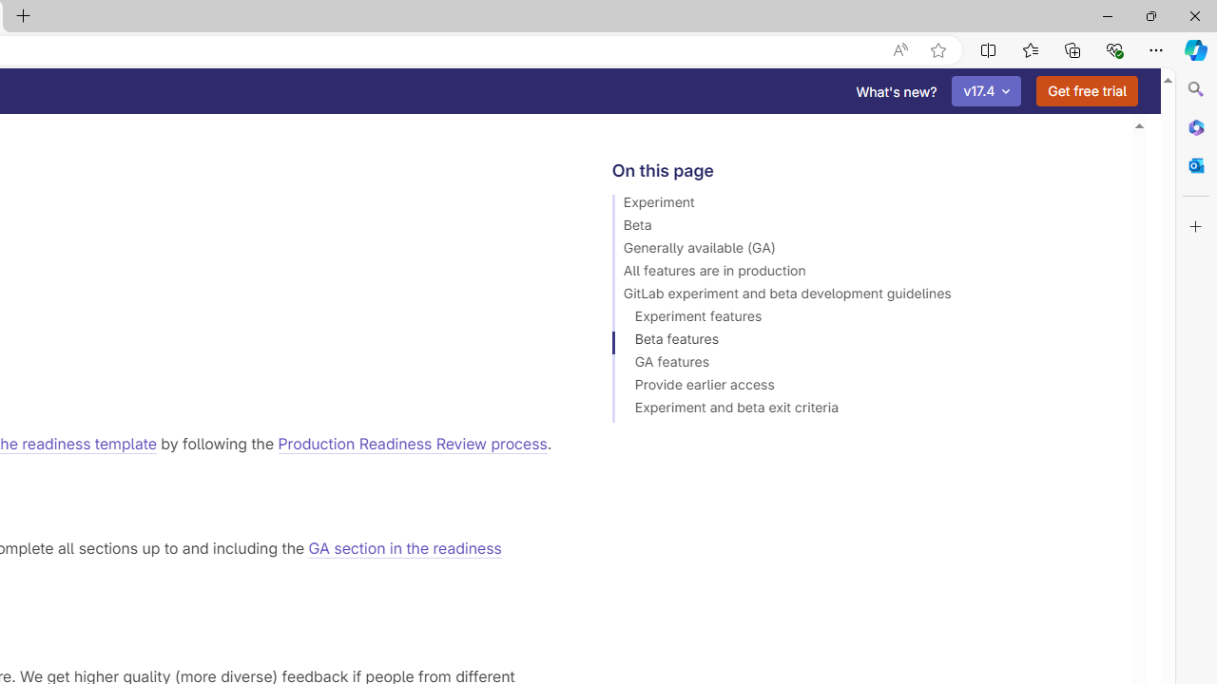 The image size is (1217, 684). What do you see at coordinates (862, 387) in the screenshot?
I see `'Provide earlier access'` at bounding box center [862, 387].